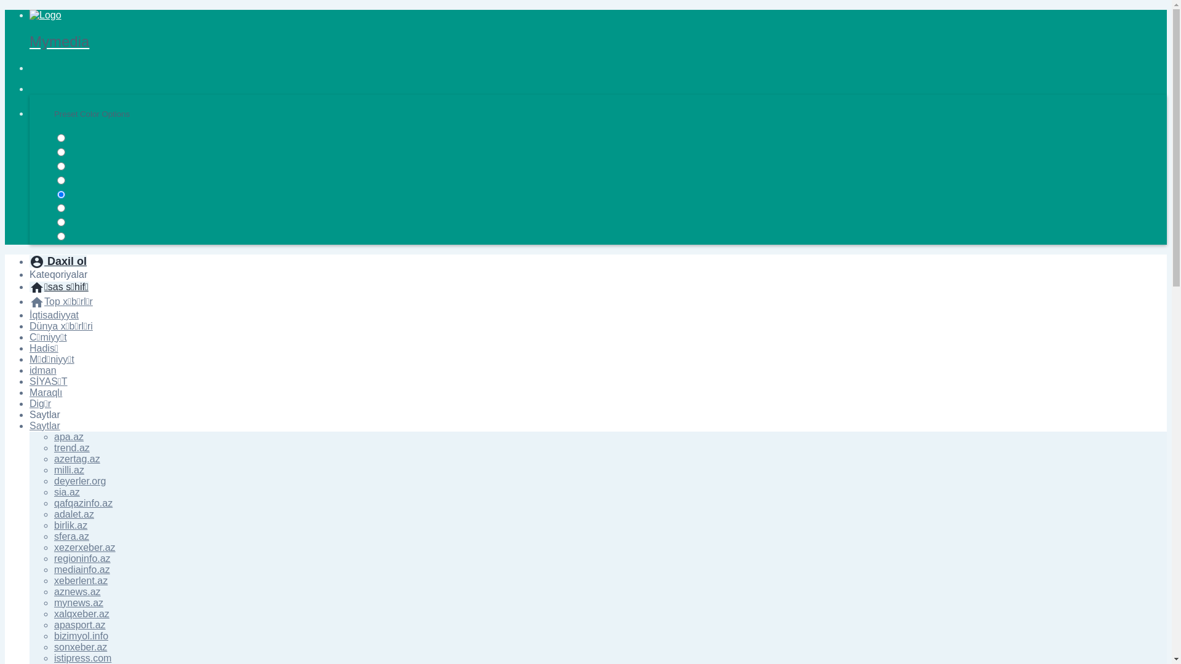  I want to click on 'apa.az', so click(68, 436).